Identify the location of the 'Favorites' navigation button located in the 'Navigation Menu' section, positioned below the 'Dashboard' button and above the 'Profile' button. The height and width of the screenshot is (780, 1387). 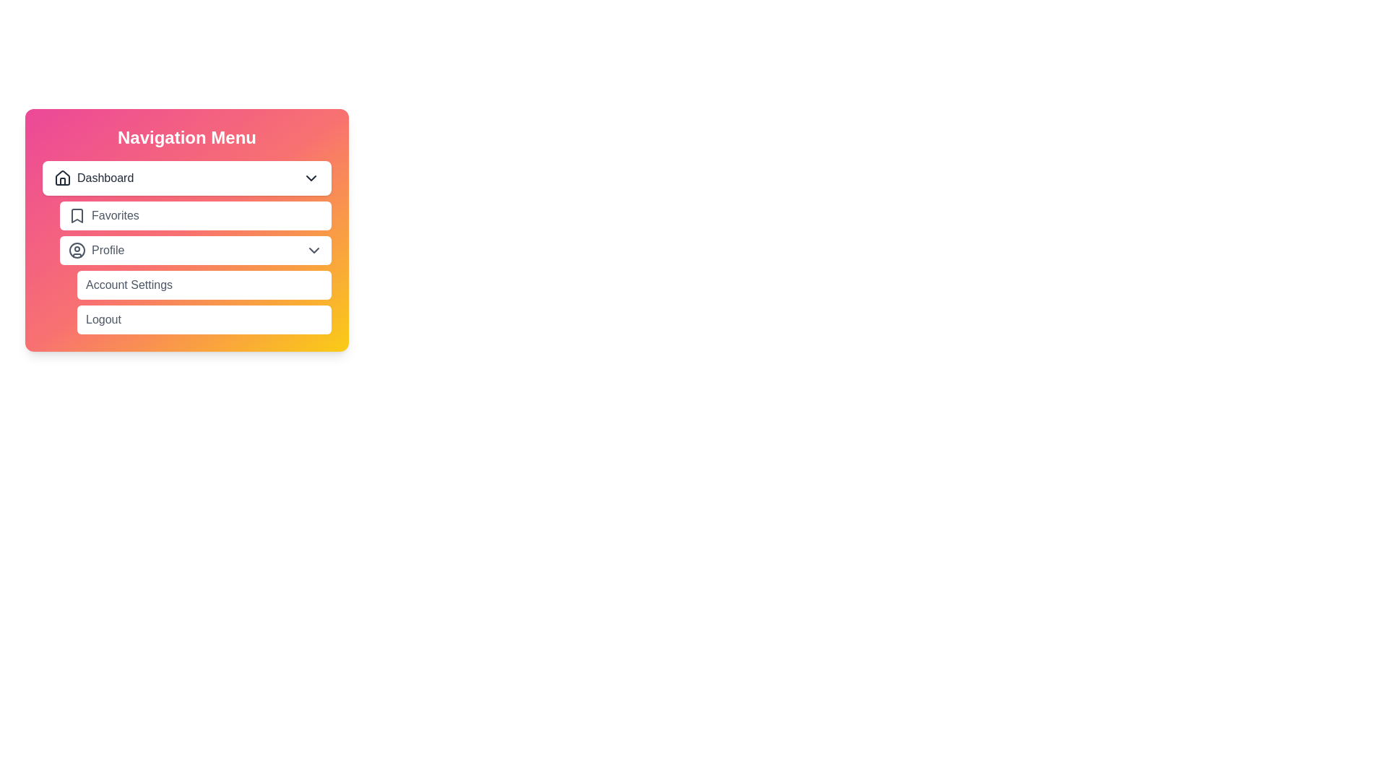
(186, 230).